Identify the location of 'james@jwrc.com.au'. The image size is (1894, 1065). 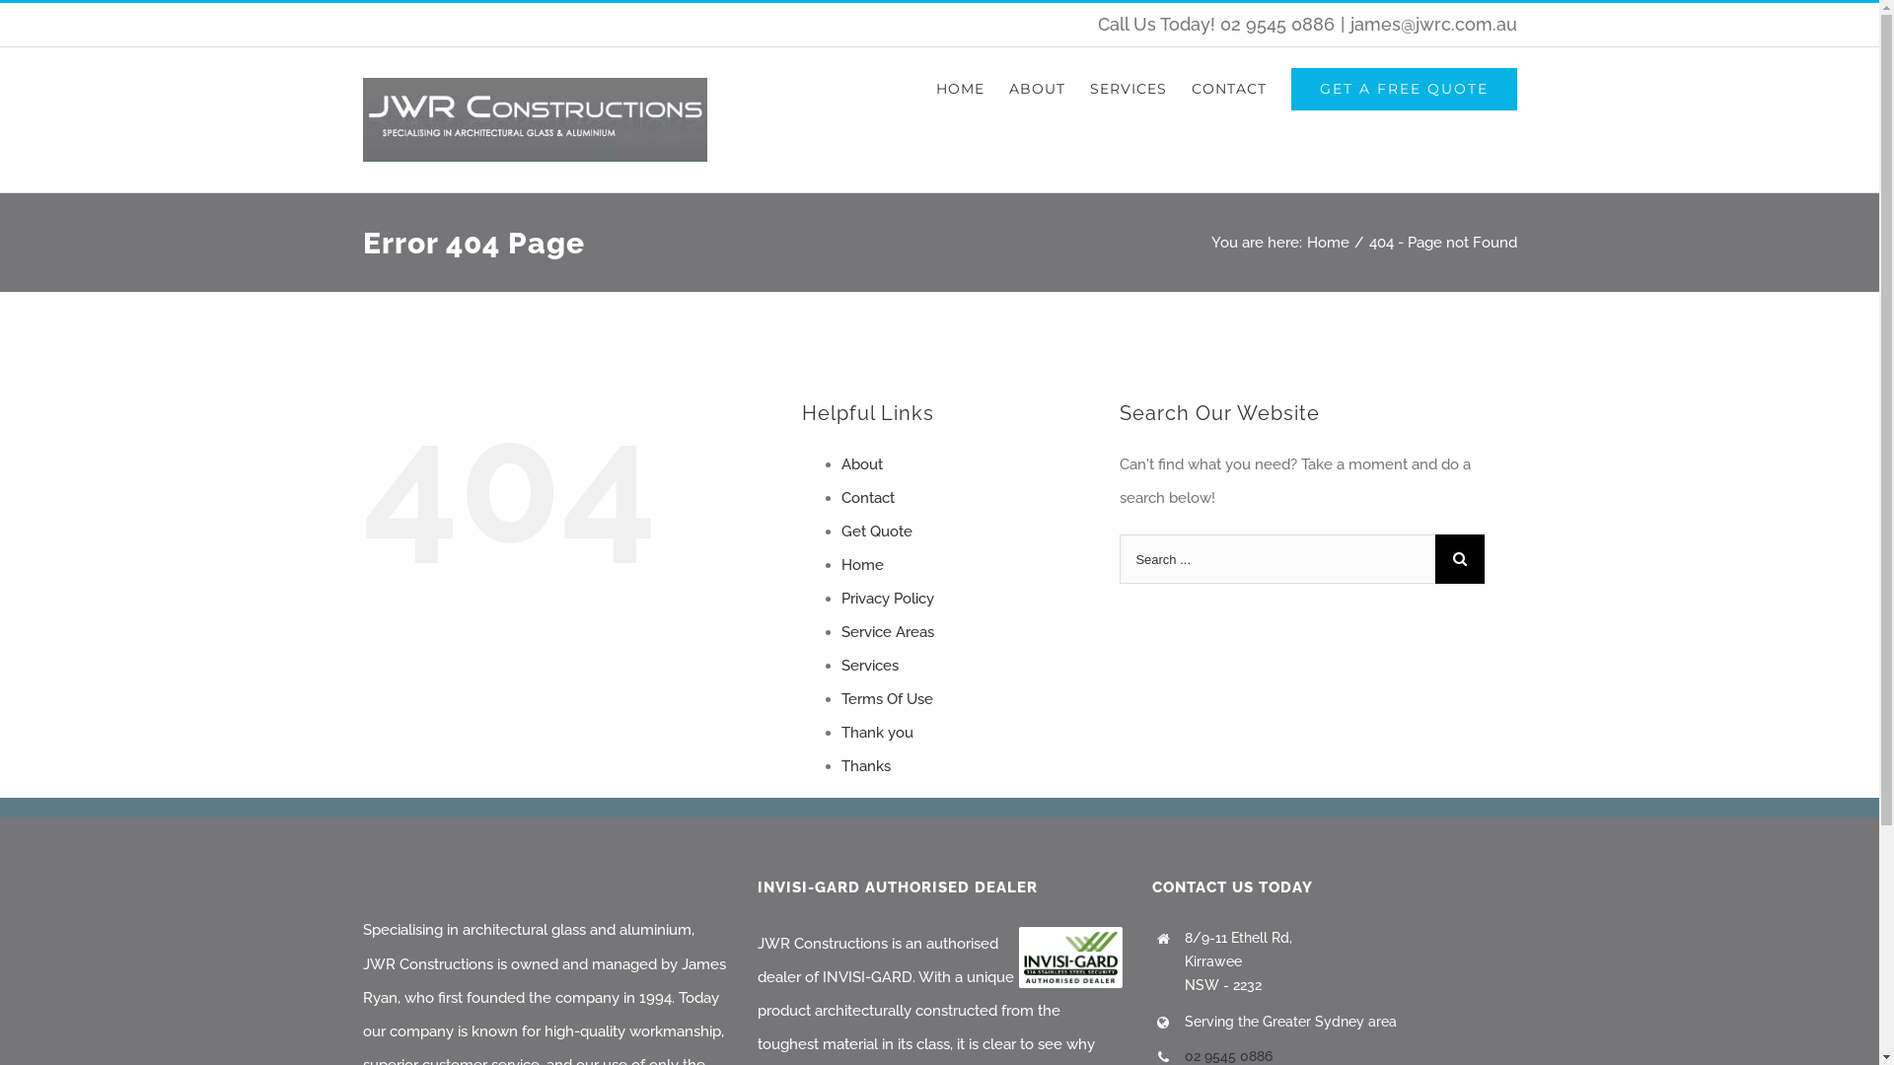
(1432, 24).